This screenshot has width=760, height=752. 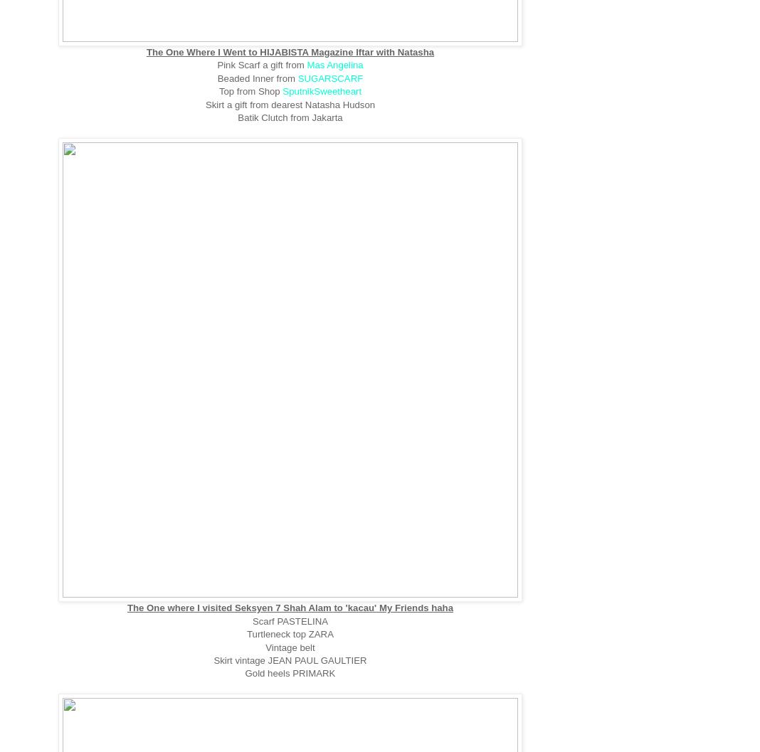 I want to click on 'Gold heels PRIMARK', so click(x=290, y=673).